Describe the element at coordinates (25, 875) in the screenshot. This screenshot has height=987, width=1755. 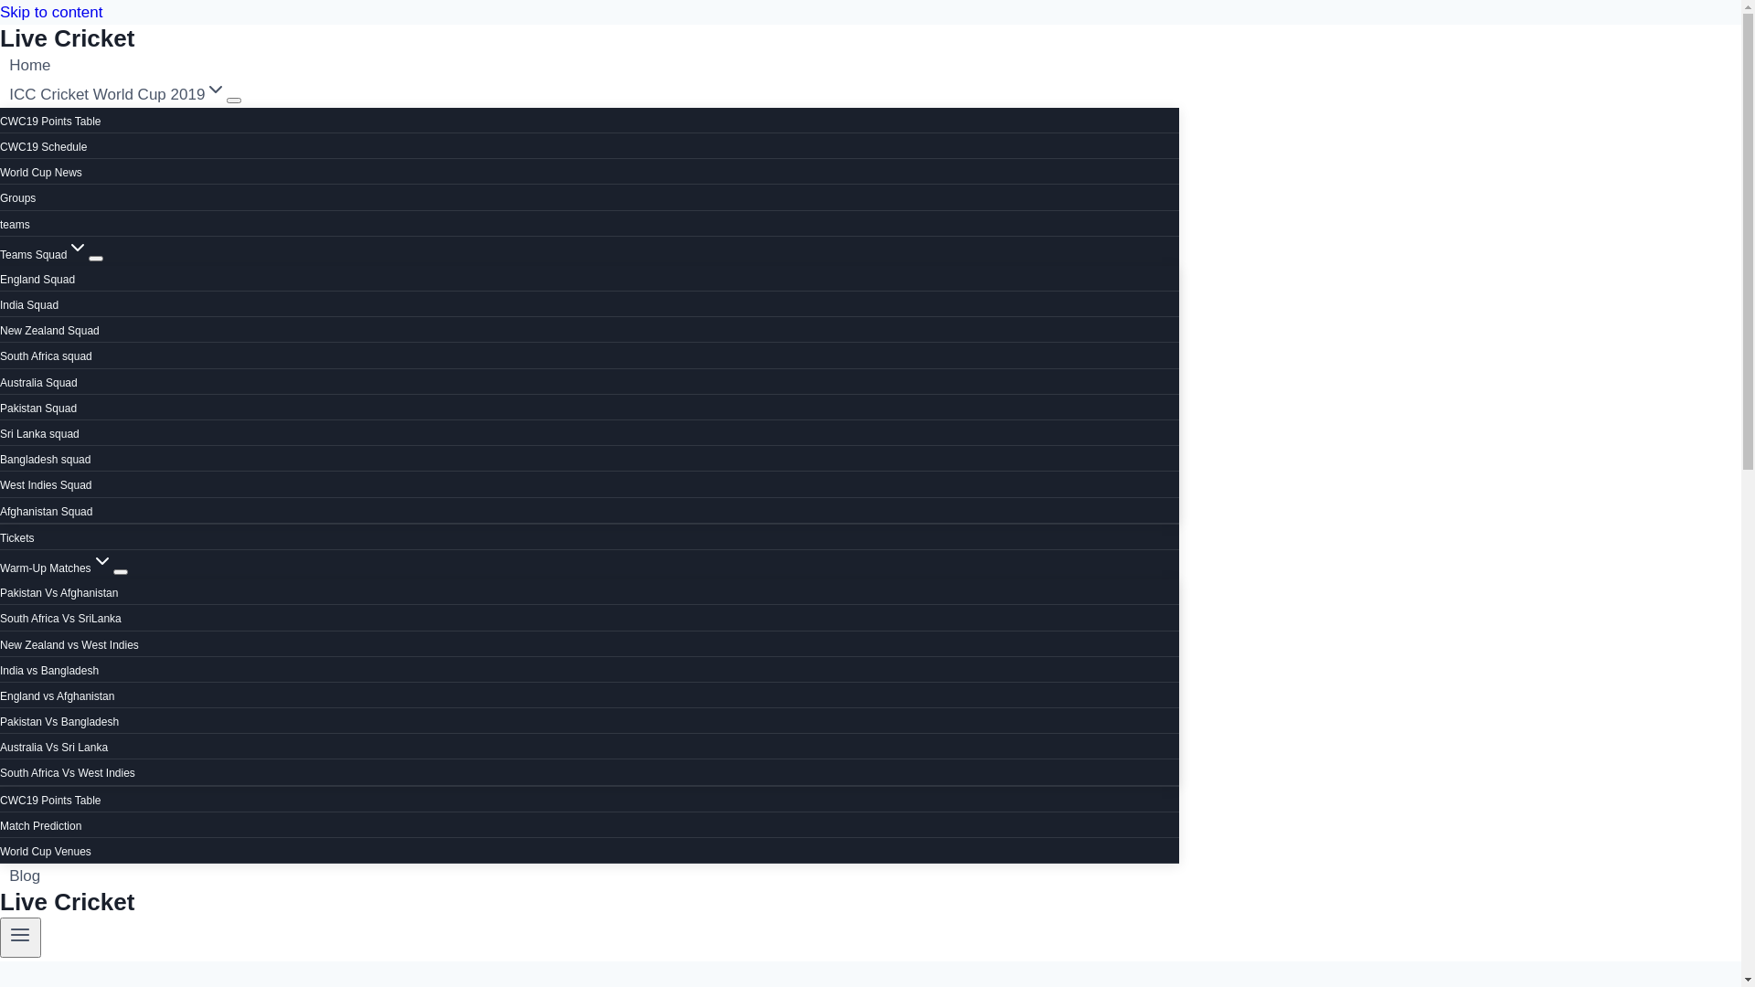
I see `'Blog'` at that location.